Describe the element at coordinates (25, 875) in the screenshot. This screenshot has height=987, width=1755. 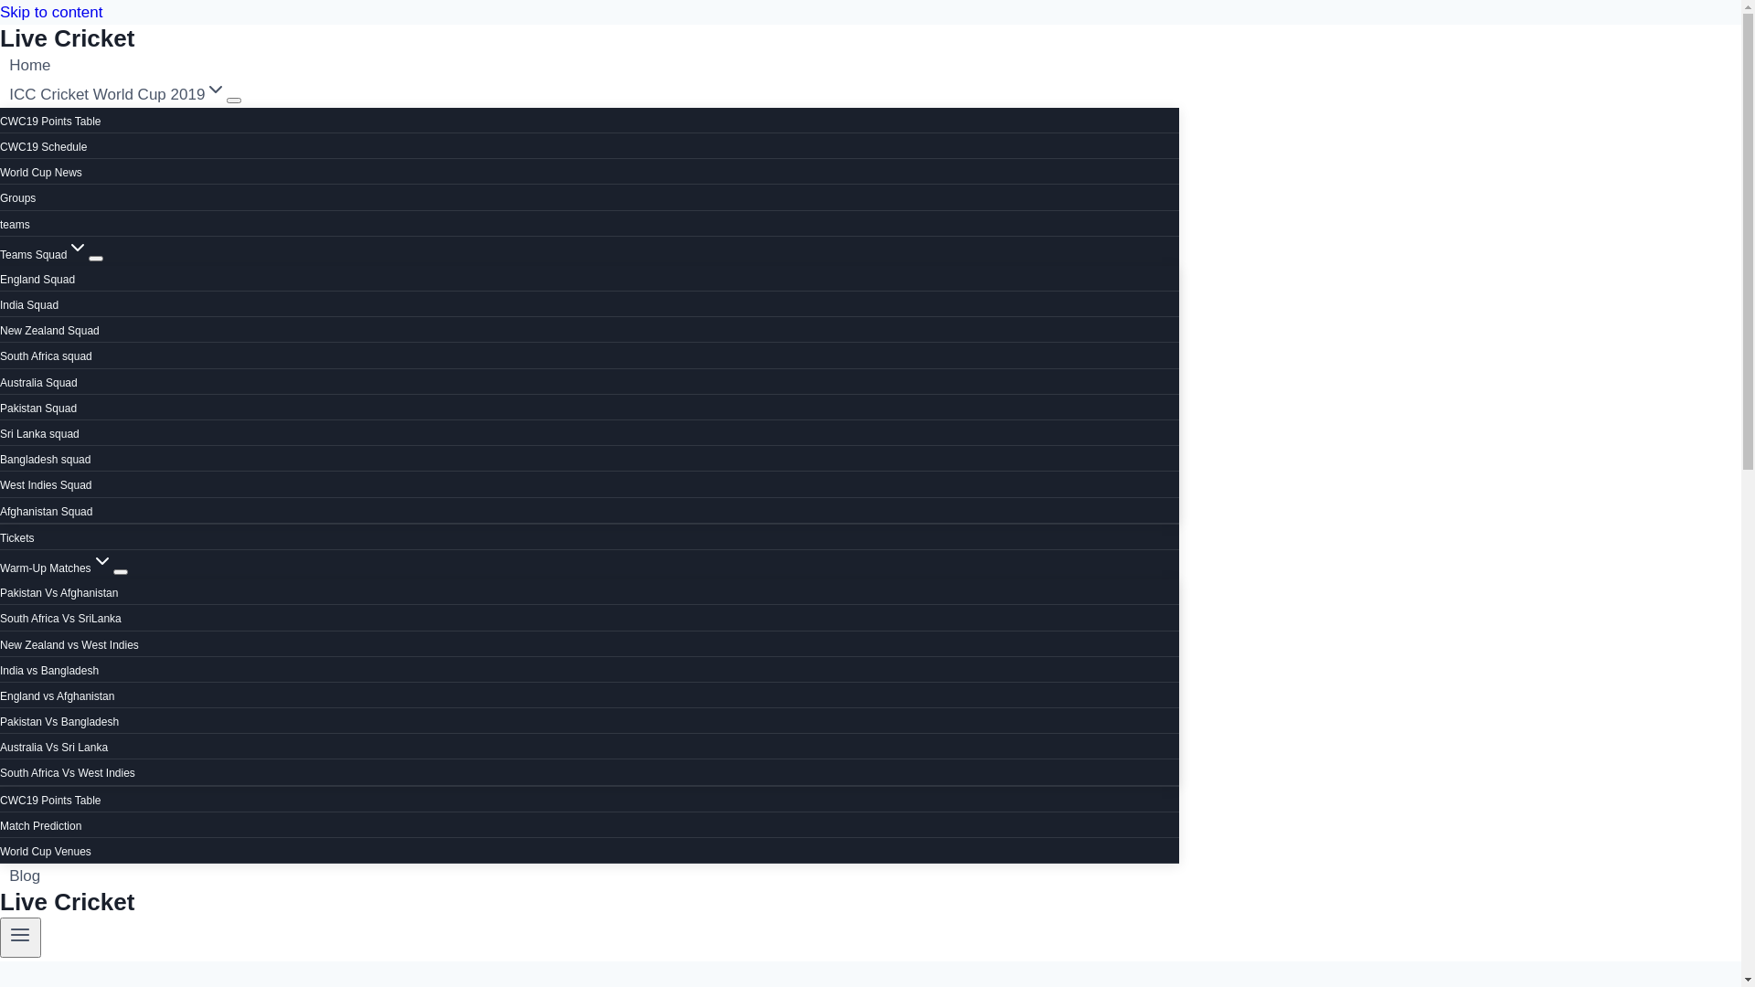
I see `'Blog'` at that location.